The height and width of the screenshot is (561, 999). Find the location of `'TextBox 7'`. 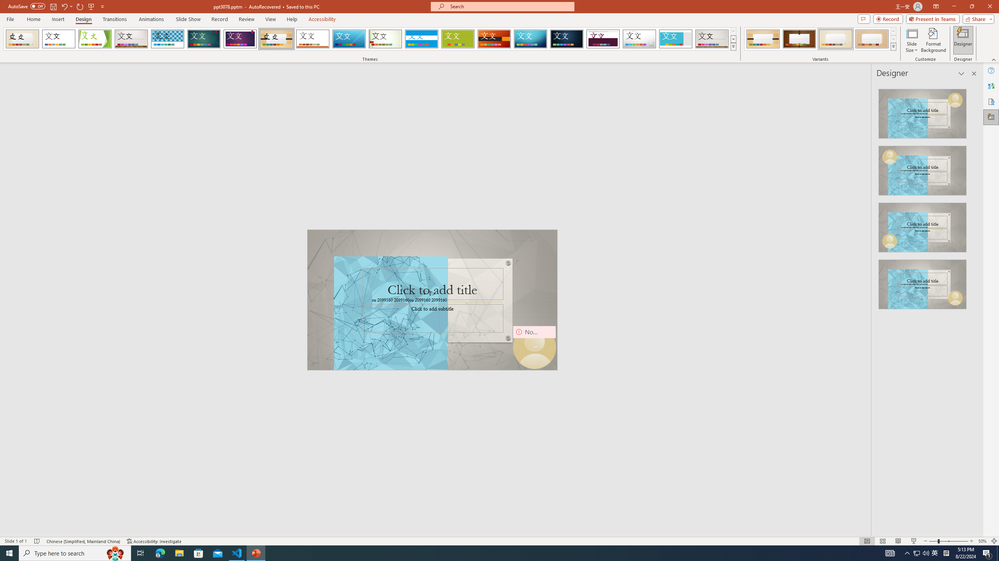

'TextBox 7' is located at coordinates (430, 294).